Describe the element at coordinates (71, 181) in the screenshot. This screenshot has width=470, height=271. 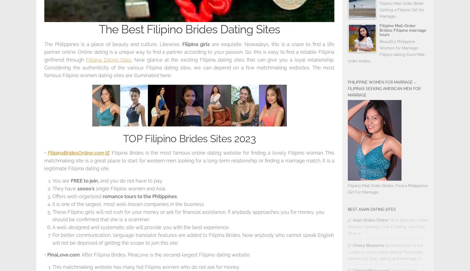
I see `'FREE to join,'` at that location.